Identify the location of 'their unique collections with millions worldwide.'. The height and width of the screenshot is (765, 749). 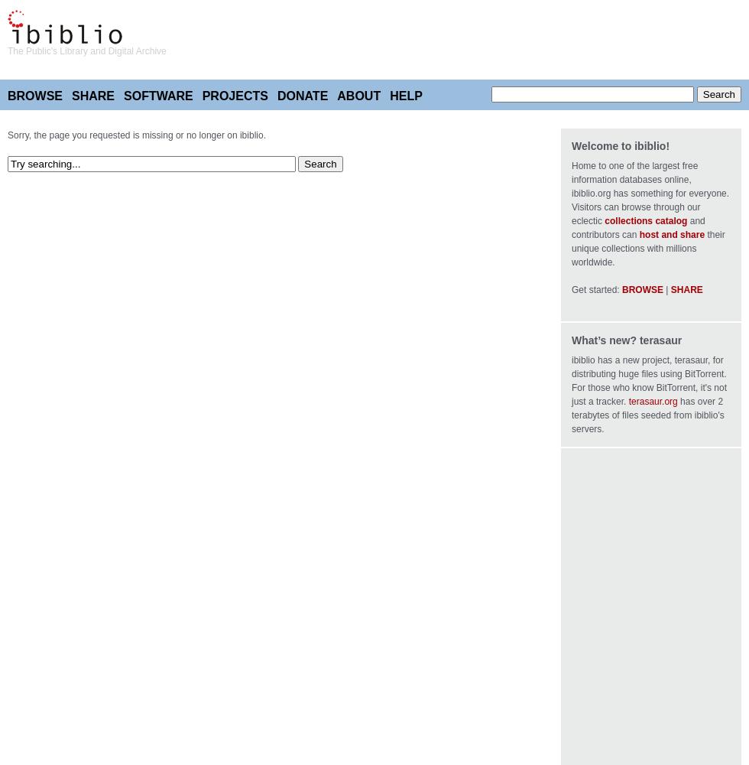
(647, 248).